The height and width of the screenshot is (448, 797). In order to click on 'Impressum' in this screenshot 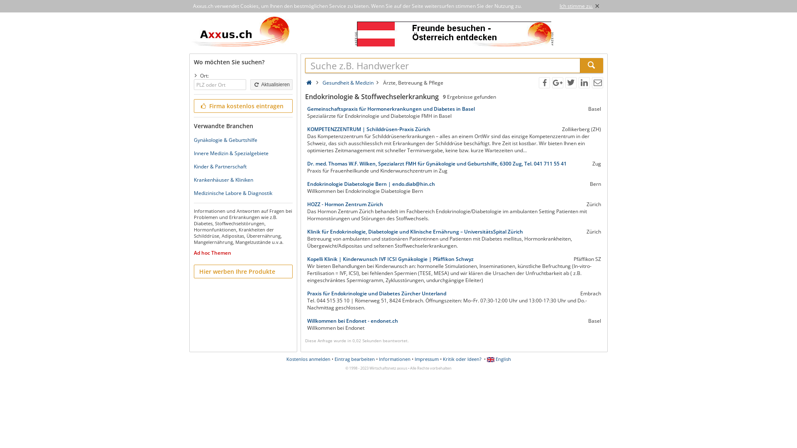, I will do `click(426, 358)`.